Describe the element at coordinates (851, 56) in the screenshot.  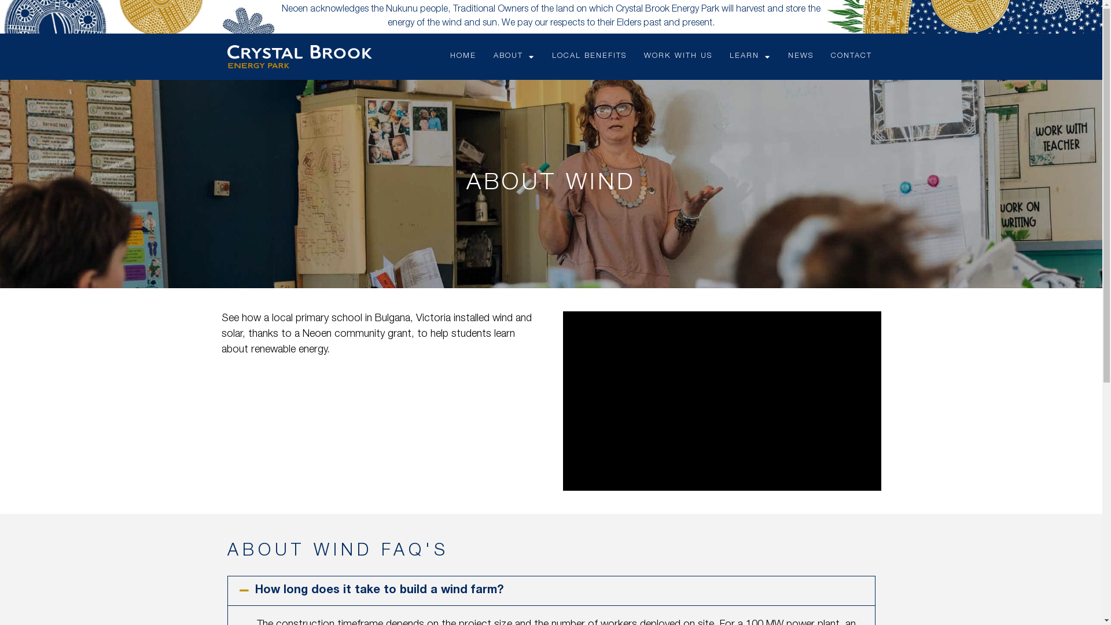
I see `'CONTACT'` at that location.